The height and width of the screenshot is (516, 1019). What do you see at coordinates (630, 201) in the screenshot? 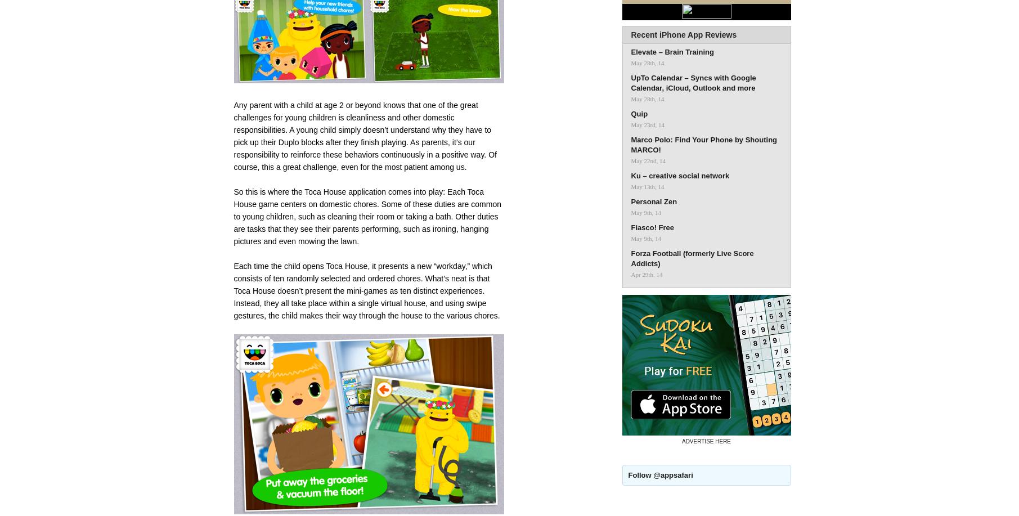
I see `'Personal Zen'` at bounding box center [630, 201].